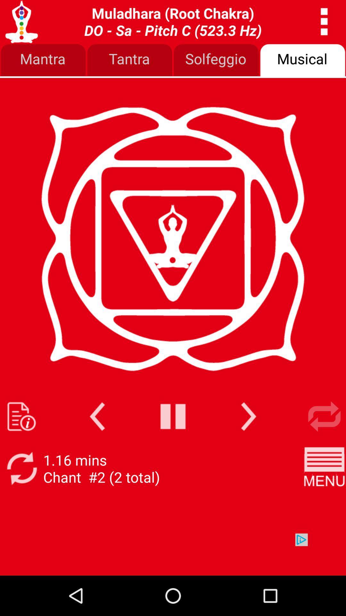  Describe the element at coordinates (216, 60) in the screenshot. I see `item to the left of the musical icon` at that location.